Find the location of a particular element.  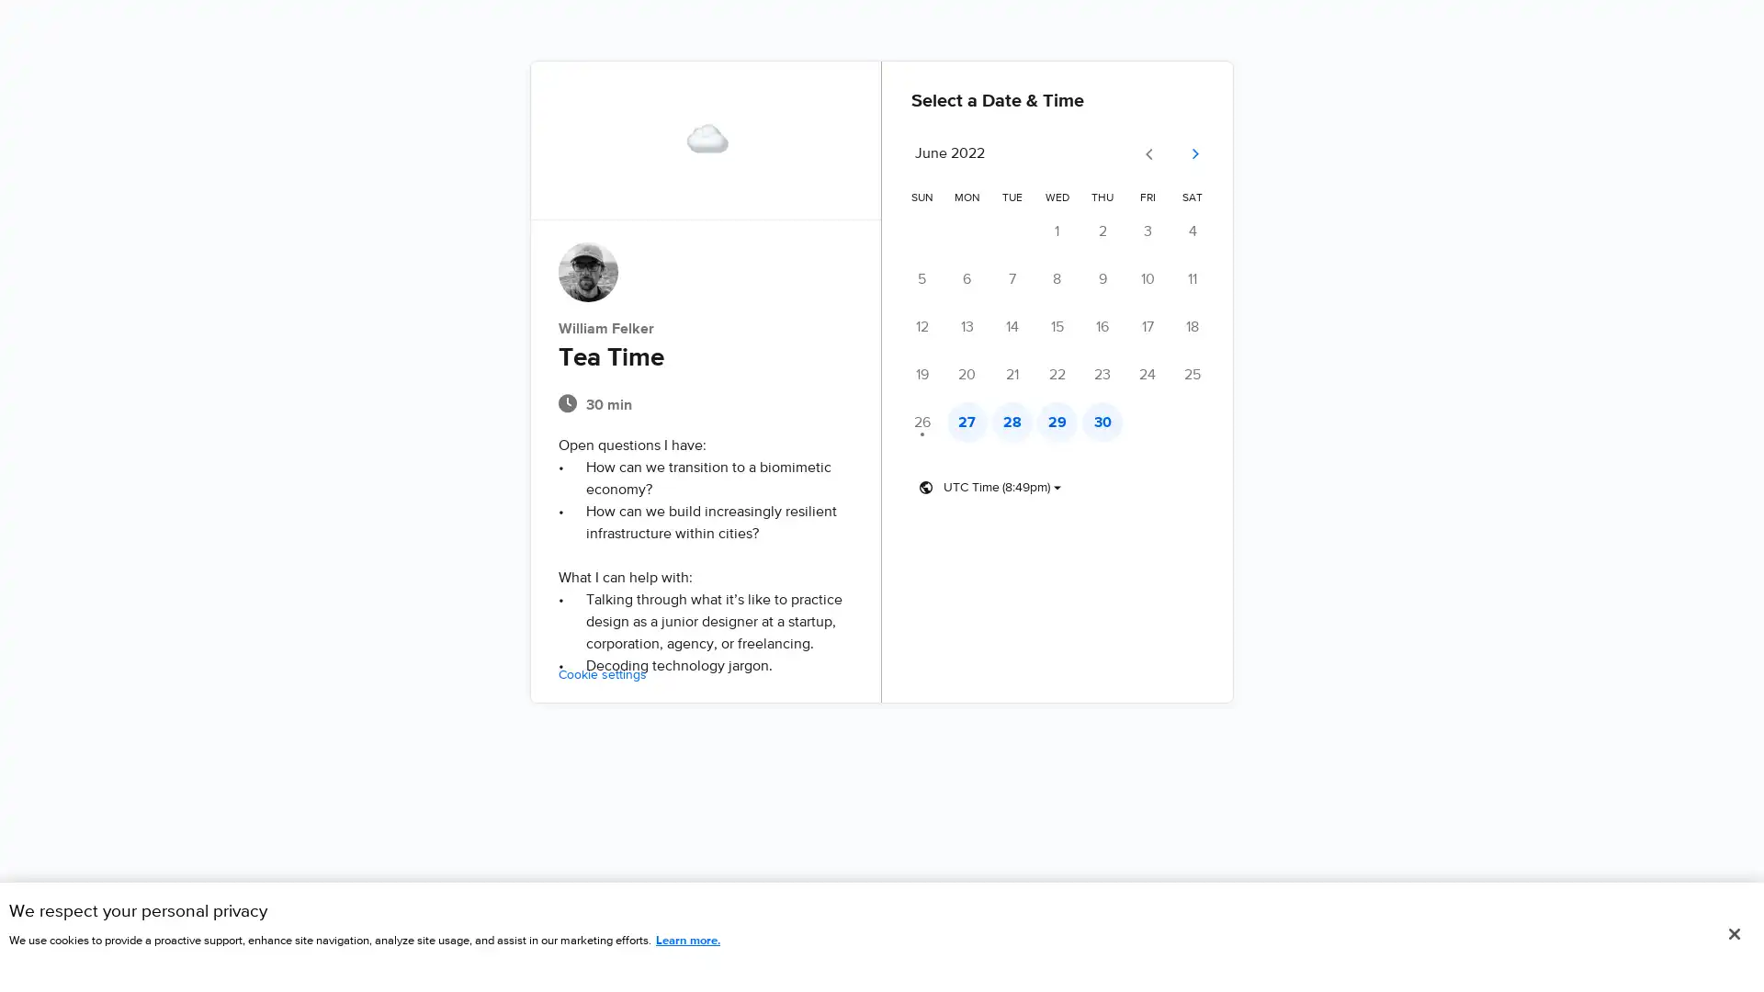

Tuesday, June 21 - No times available is located at coordinates (1016, 374).